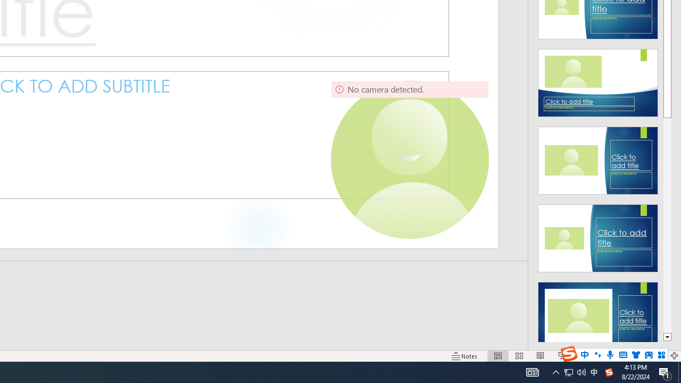 This screenshot has height=383, width=681. What do you see at coordinates (667, 337) in the screenshot?
I see `'Line down'` at bounding box center [667, 337].